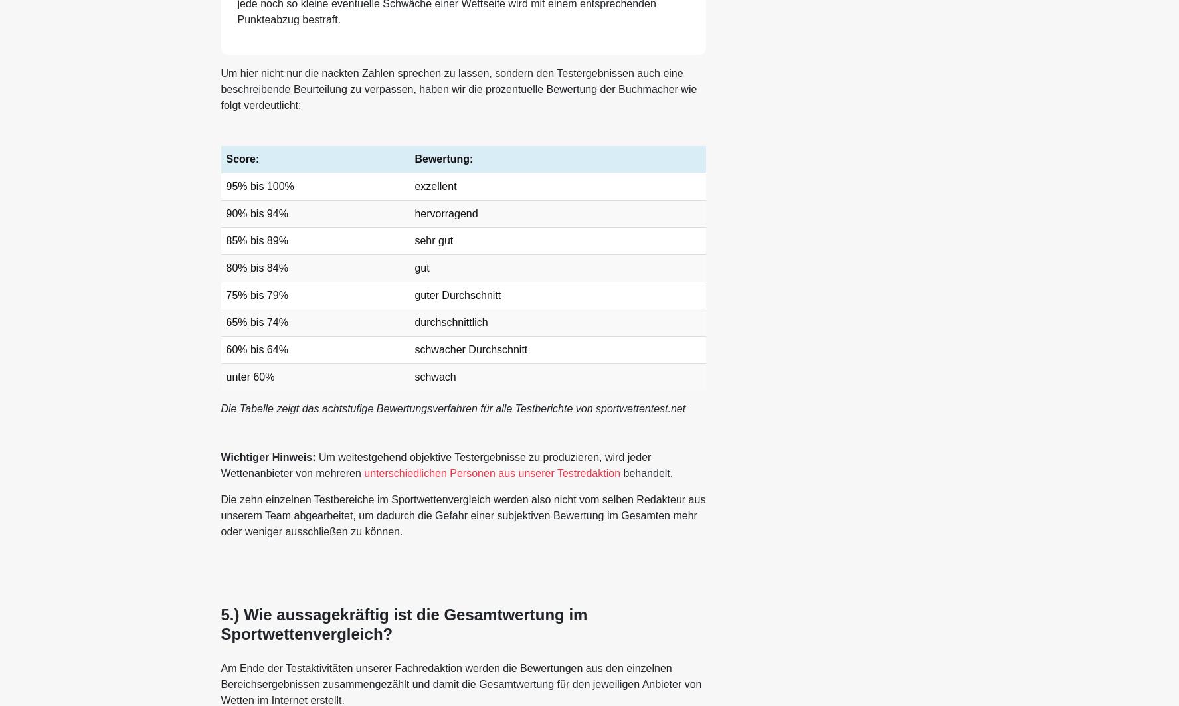  Describe the element at coordinates (458, 89) in the screenshot. I see `'Um hier nicht nur die nackten Zahlen sprechen zu lassen, sondern den Testergebnissen auch eine beschreibende Beurteilung zu verpassen, haben wir die prozentuelle Bewertung der Buchmacher wie folgt verdeutlicht:'` at that location.